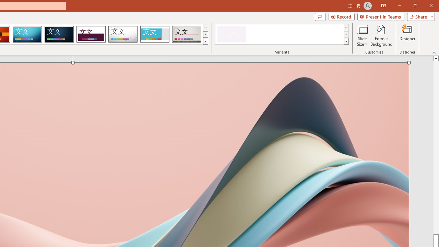  I want to click on 'Damask', so click(59, 34).